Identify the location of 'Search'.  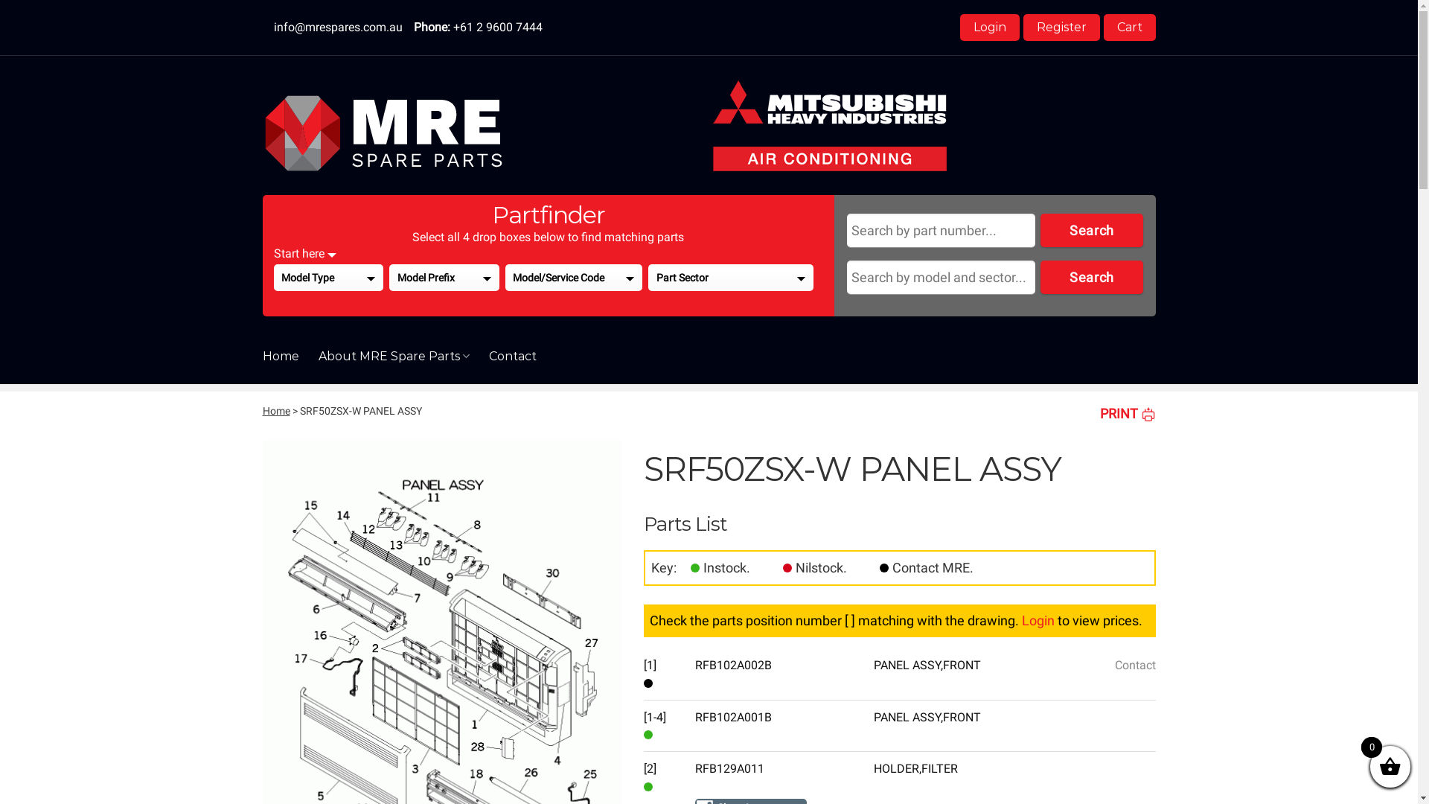
(1039, 277).